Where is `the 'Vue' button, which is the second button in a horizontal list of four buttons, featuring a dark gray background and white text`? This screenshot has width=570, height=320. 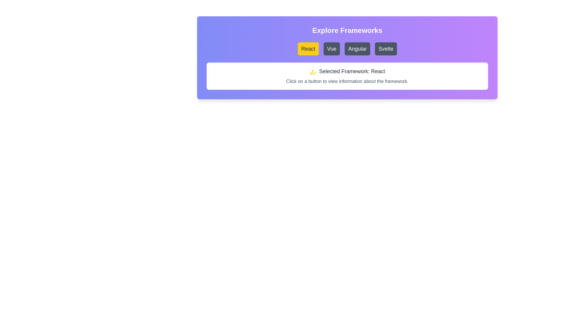 the 'Vue' button, which is the second button in a horizontal list of four buttons, featuring a dark gray background and white text is located at coordinates (331, 49).